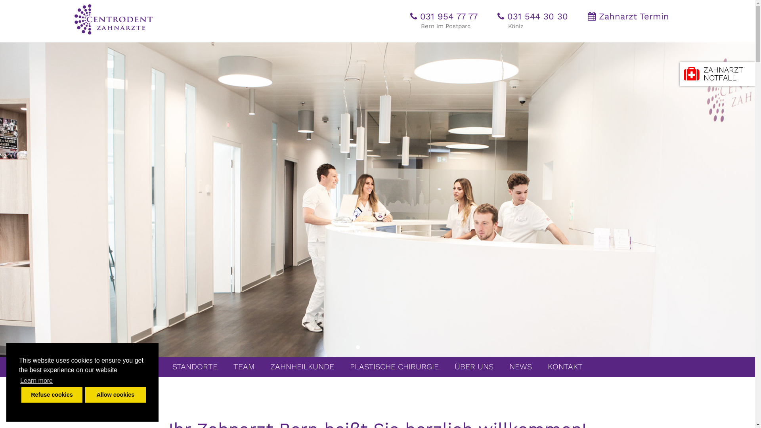  Describe the element at coordinates (115, 394) in the screenshot. I see `'Allow cookies'` at that location.